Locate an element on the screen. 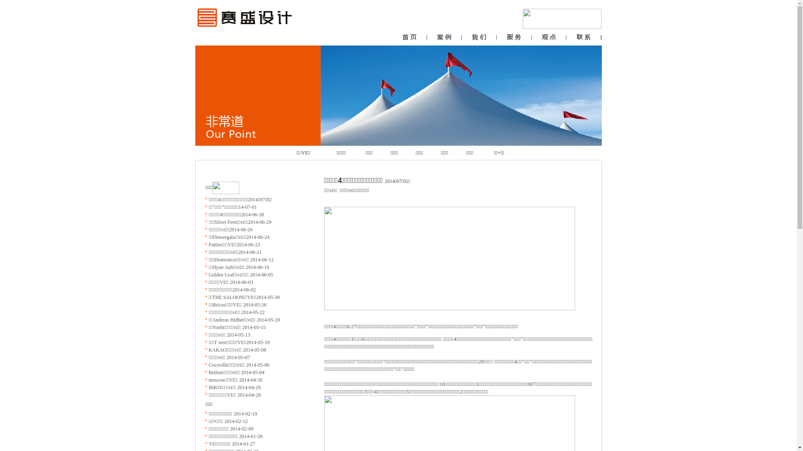 Image resolution: width=803 pixels, height=451 pixels. '2014-06-23' is located at coordinates (236, 244).